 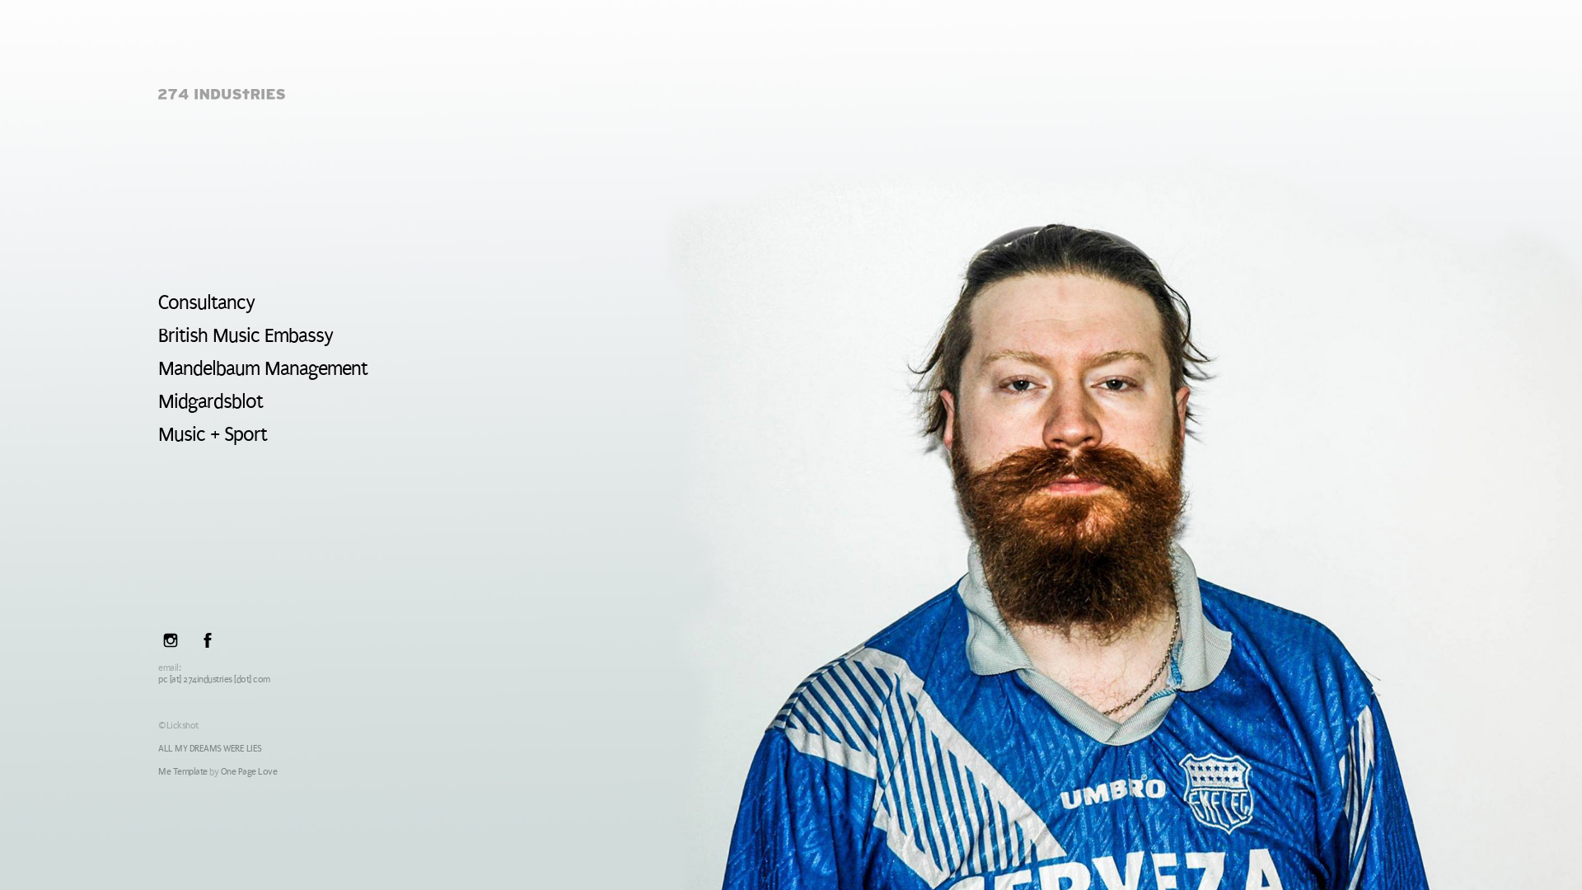 I want to click on 'Consultancy', so click(x=205, y=302).